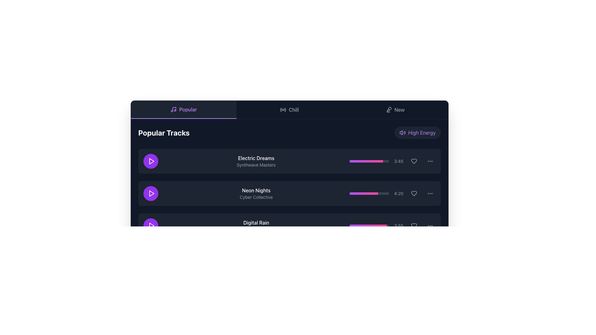  What do you see at coordinates (151, 193) in the screenshot?
I see `the circular purple button with a white play icon located to the left of the text 'Neon Nights' in the 'Popular Tracks' section` at bounding box center [151, 193].